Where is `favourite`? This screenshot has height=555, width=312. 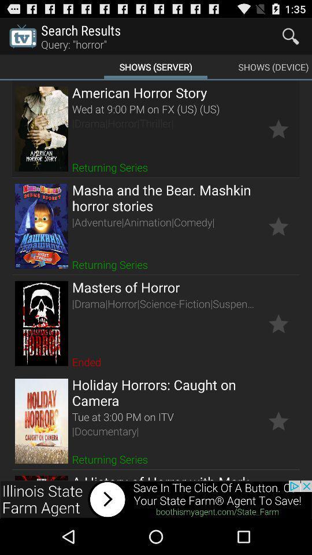 favourite is located at coordinates (278, 323).